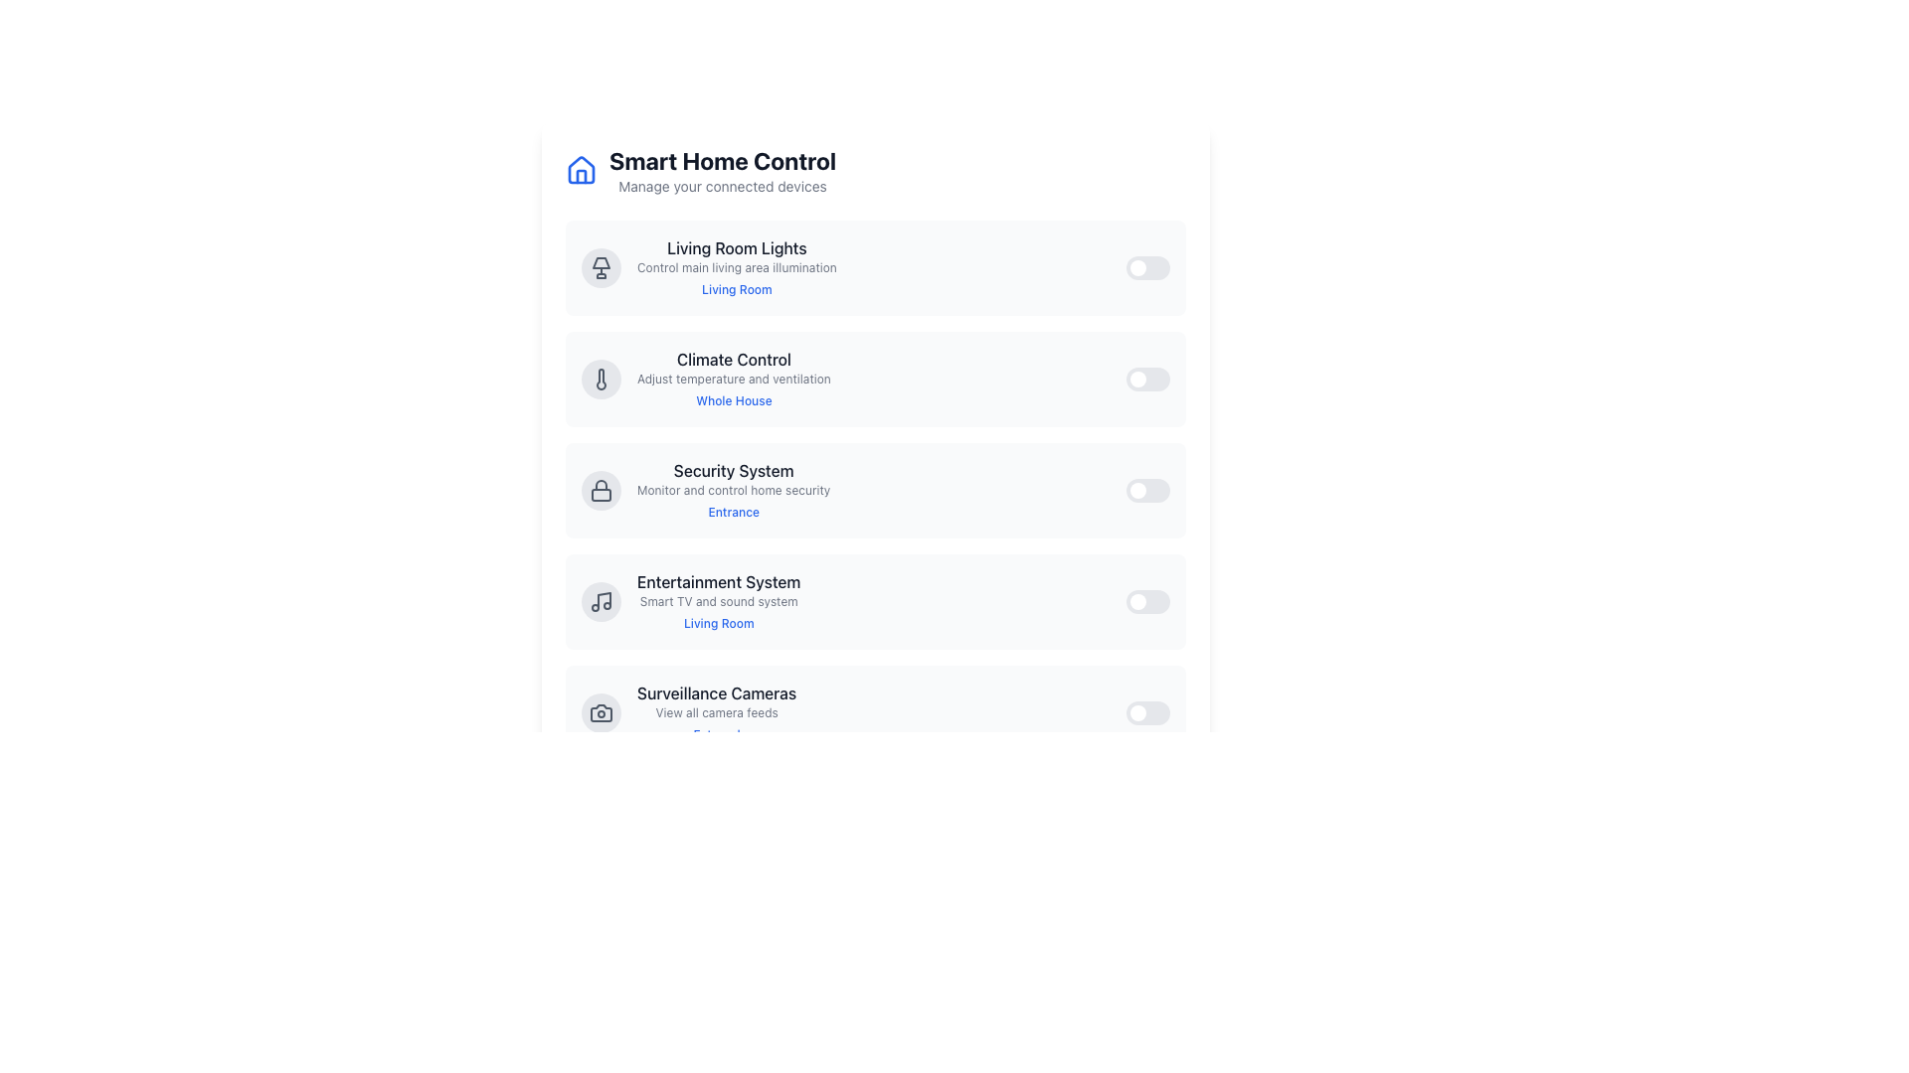  What do you see at coordinates (733, 400) in the screenshot?
I see `the 'Whole House' text label located at the bottom of the 'Climate Control' section, below the text 'Adjust temperature and ventilation'` at bounding box center [733, 400].